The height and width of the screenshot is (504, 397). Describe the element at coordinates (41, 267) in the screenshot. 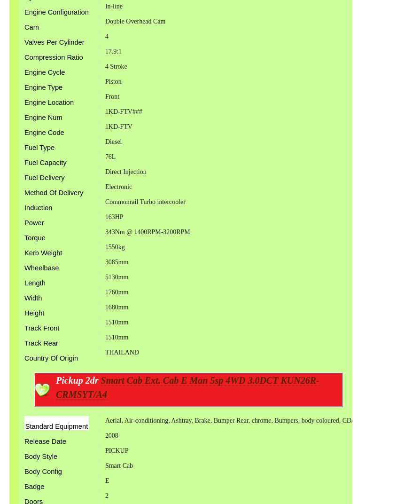

I see `'Wheelbase'` at that location.